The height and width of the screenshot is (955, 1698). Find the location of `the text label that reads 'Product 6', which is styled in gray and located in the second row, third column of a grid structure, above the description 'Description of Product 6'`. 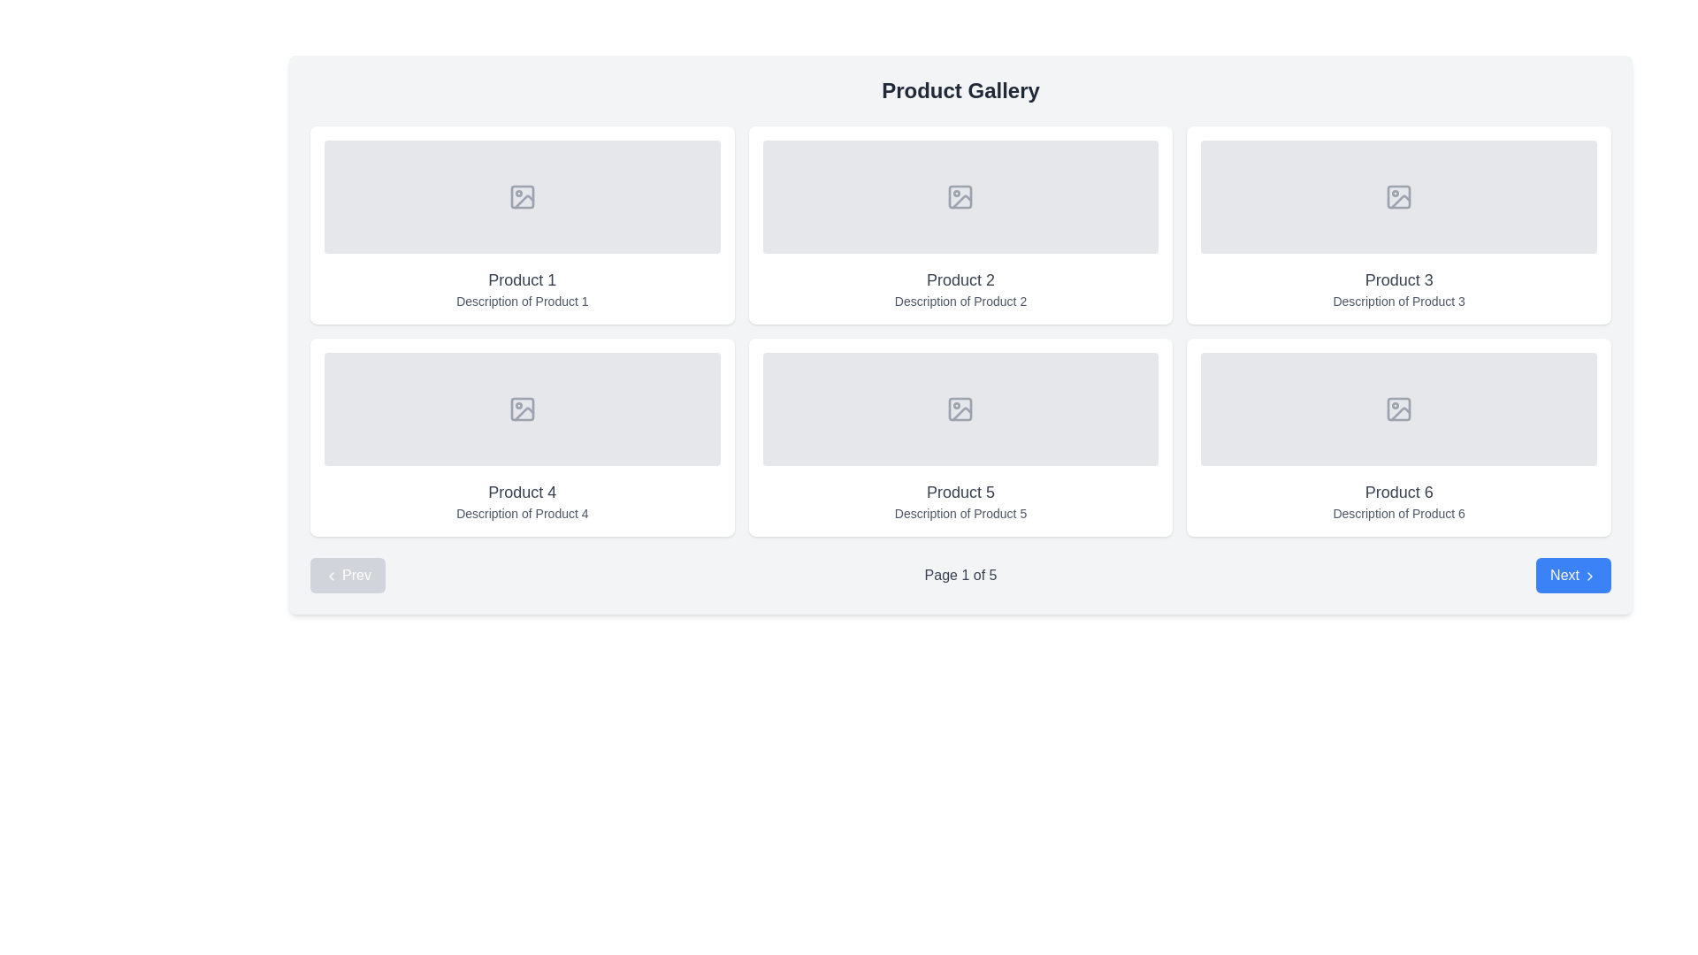

the text label that reads 'Product 6', which is styled in gray and located in the second row, third column of a grid structure, above the description 'Description of Product 6' is located at coordinates (1398, 492).